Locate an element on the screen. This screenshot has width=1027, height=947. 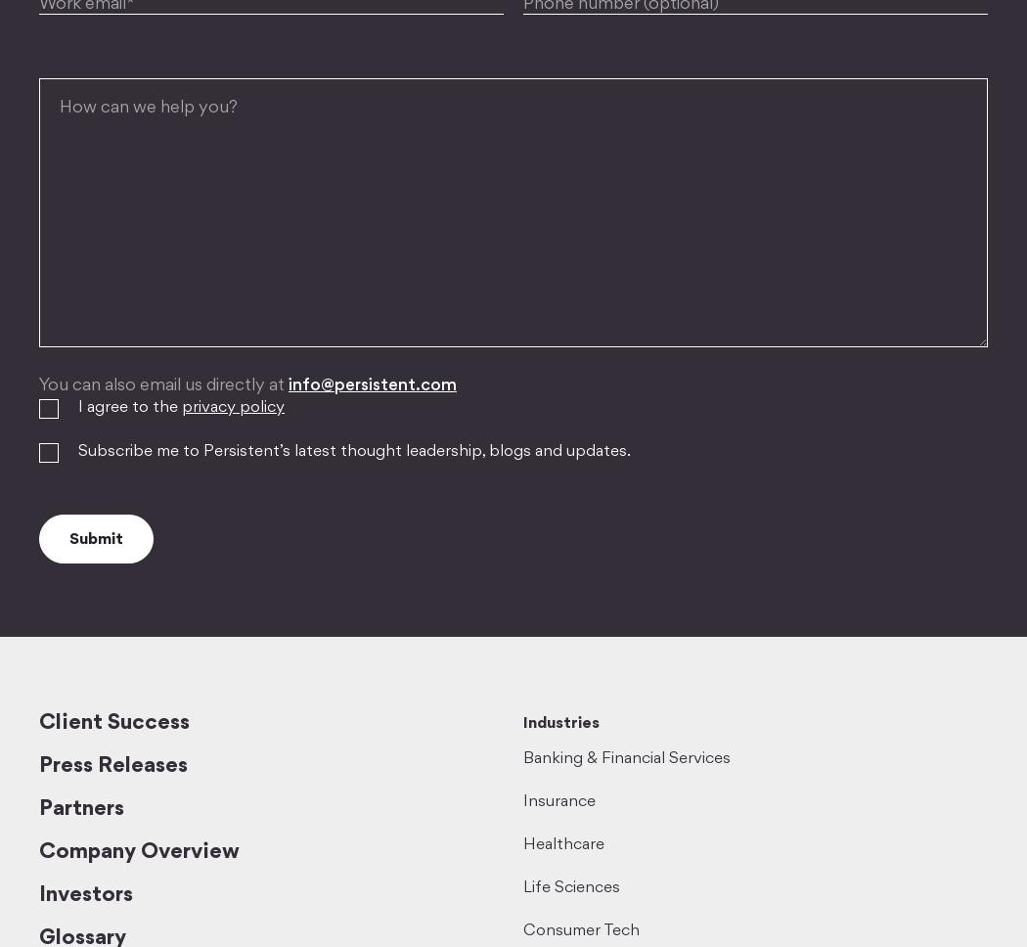
'Partners' is located at coordinates (81, 809).